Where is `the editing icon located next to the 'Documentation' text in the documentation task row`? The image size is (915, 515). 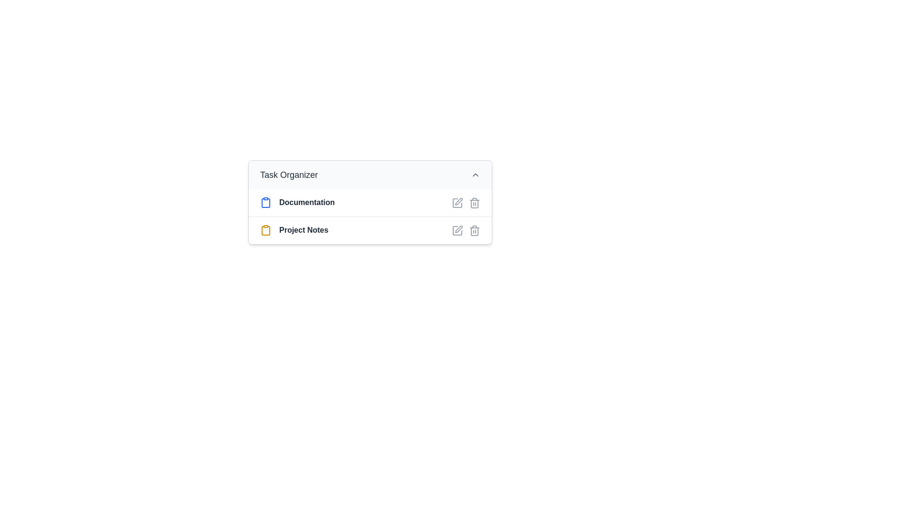
the editing icon located next to the 'Documentation' text in the documentation task row is located at coordinates (459, 201).